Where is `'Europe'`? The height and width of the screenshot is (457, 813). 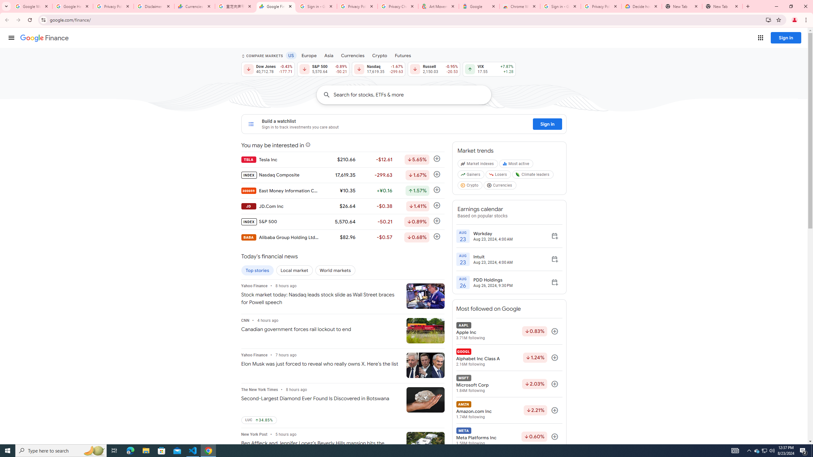 'Europe' is located at coordinates (309, 55).